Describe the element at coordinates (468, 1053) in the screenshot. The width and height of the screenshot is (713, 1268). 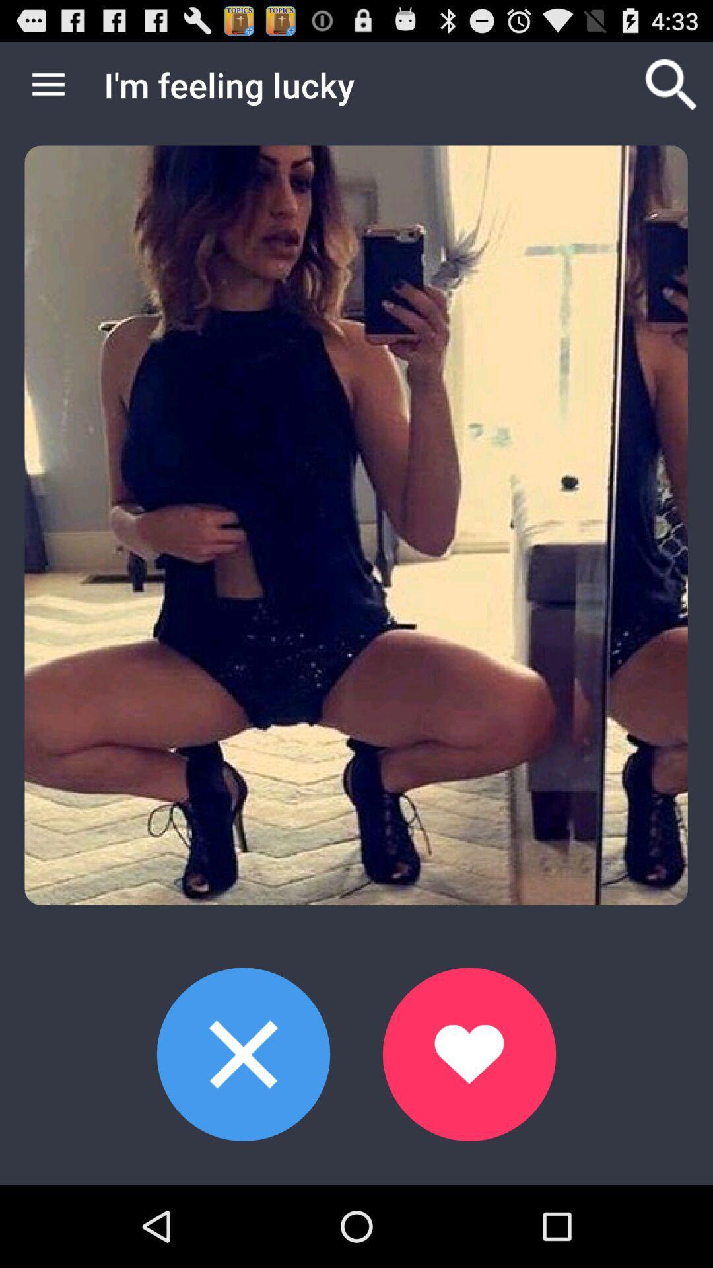
I see `like person` at that location.